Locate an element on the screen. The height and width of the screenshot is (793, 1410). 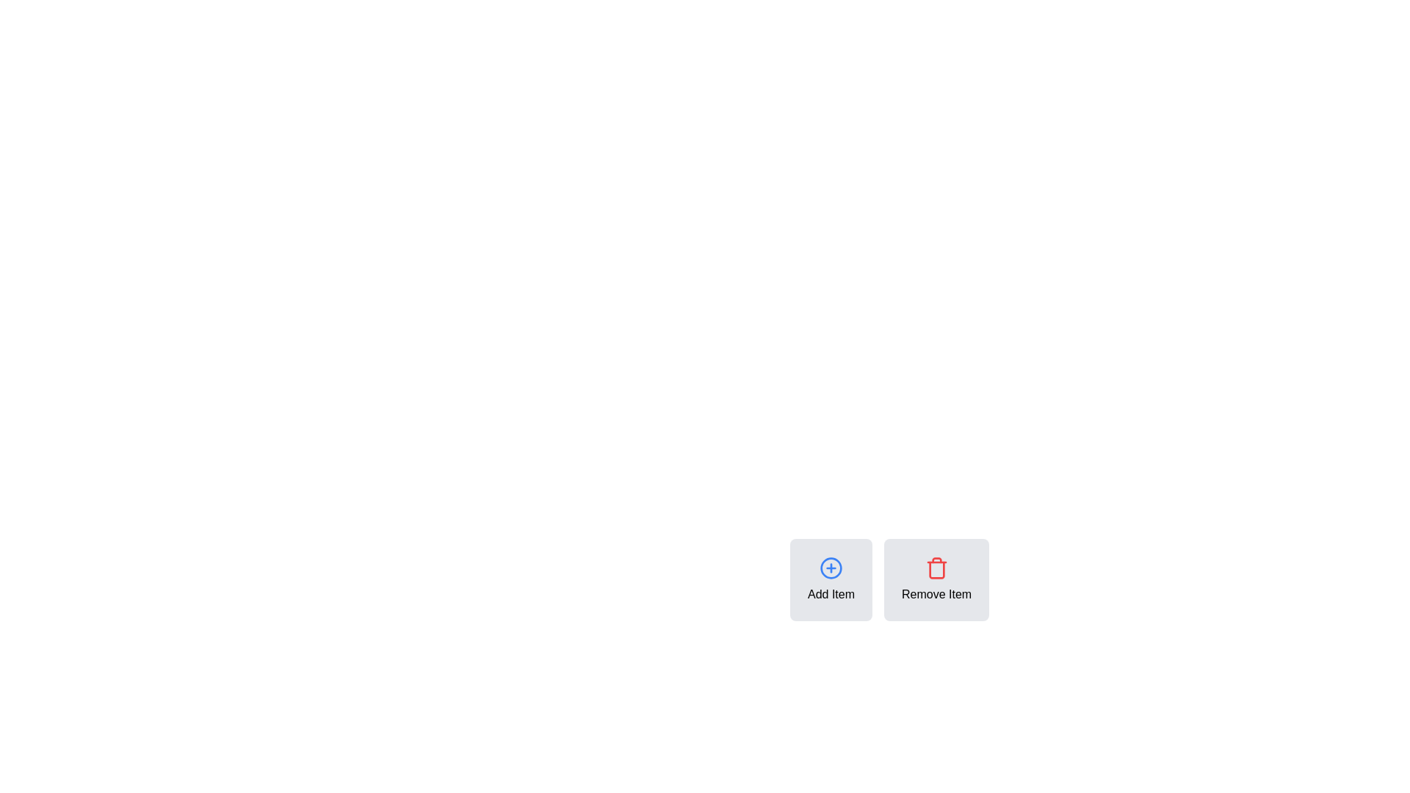
the 'Remove Item' button, which is the second button from the left in the button group, featuring a red trash icon above the text is located at coordinates (911, 579).